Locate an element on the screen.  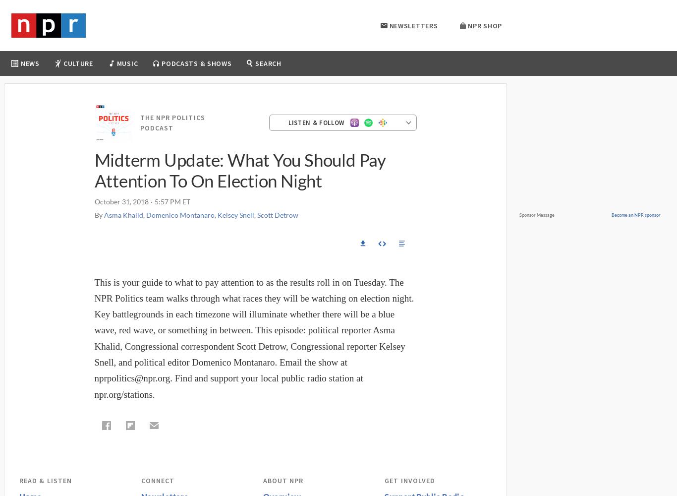
'The NPR Politics Podcast' is located at coordinates (171, 122).